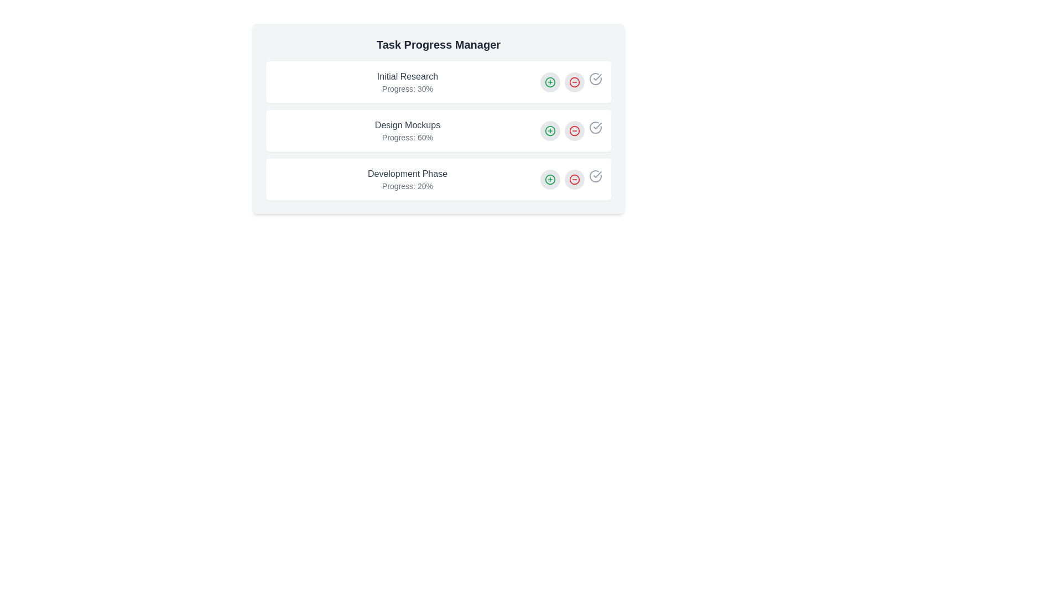 The width and height of the screenshot is (1062, 597). What do you see at coordinates (438, 119) in the screenshot?
I see `the minus icon to decrease progress in the 'Design Mockups' section of the Task Progress Manager` at bounding box center [438, 119].